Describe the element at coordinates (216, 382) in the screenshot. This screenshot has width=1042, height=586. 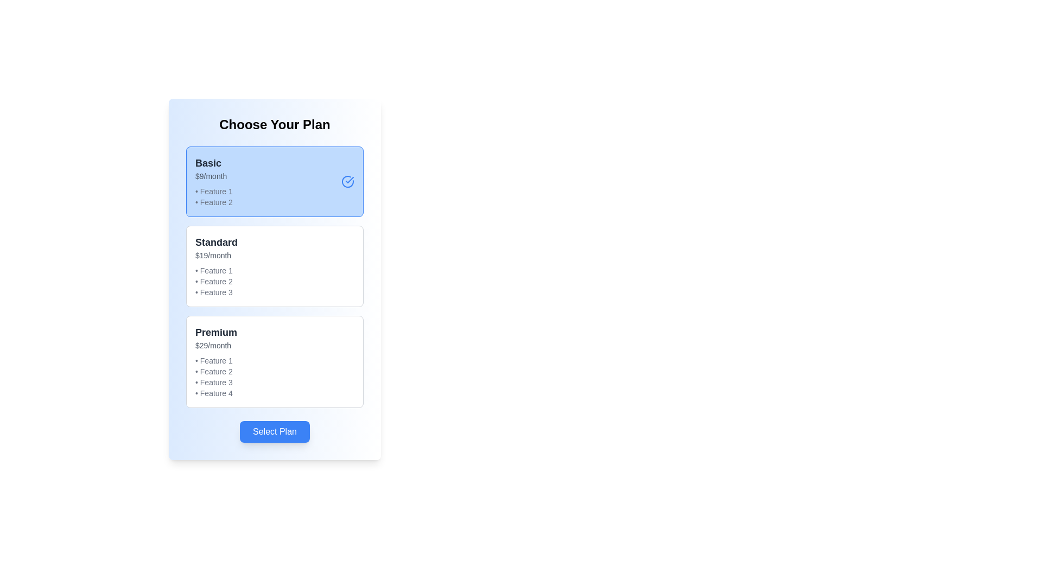
I see `the text label displaying '• Feature 3' in gray font, which is the third item in a vertical list under the 'Premium' plan section of the plan selection interface` at that location.